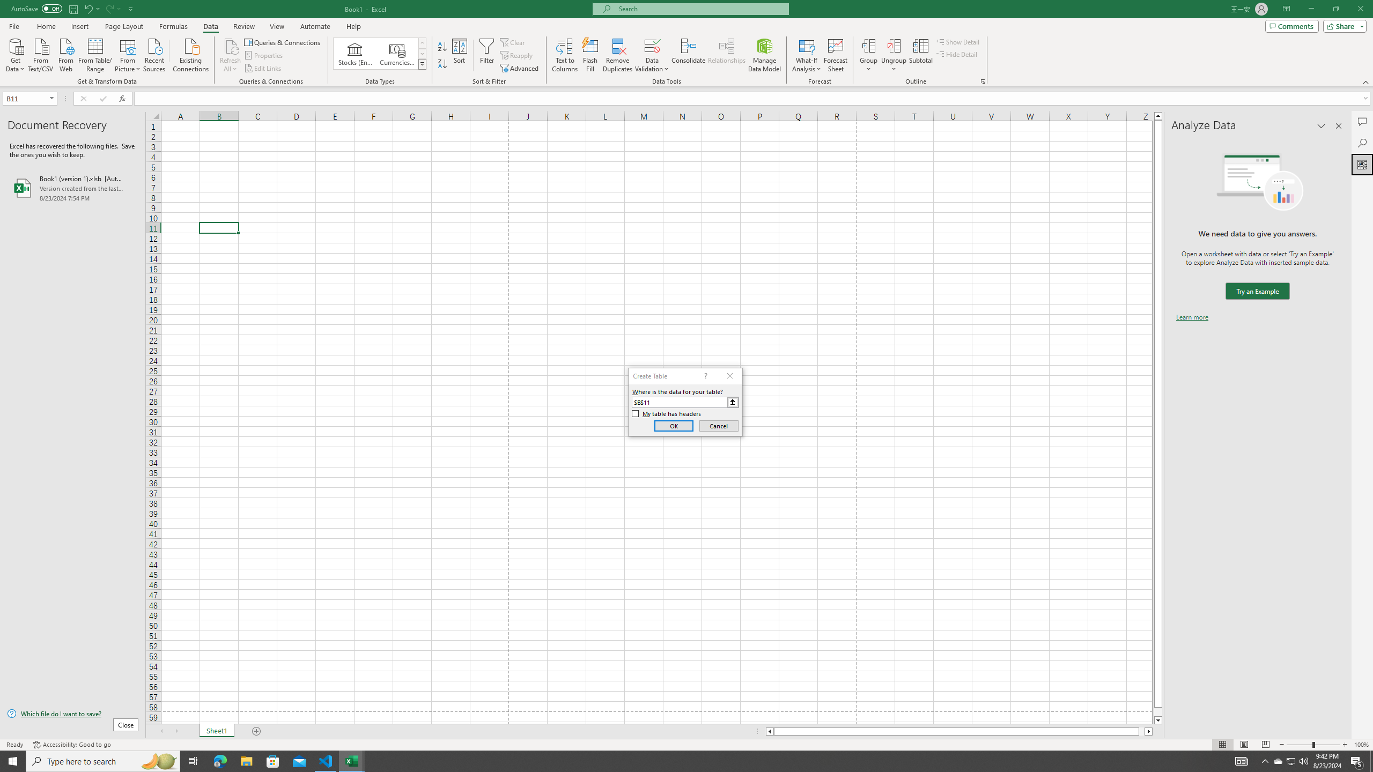 Image resolution: width=1373 pixels, height=772 pixels. I want to click on 'Zoom', so click(1312, 745).